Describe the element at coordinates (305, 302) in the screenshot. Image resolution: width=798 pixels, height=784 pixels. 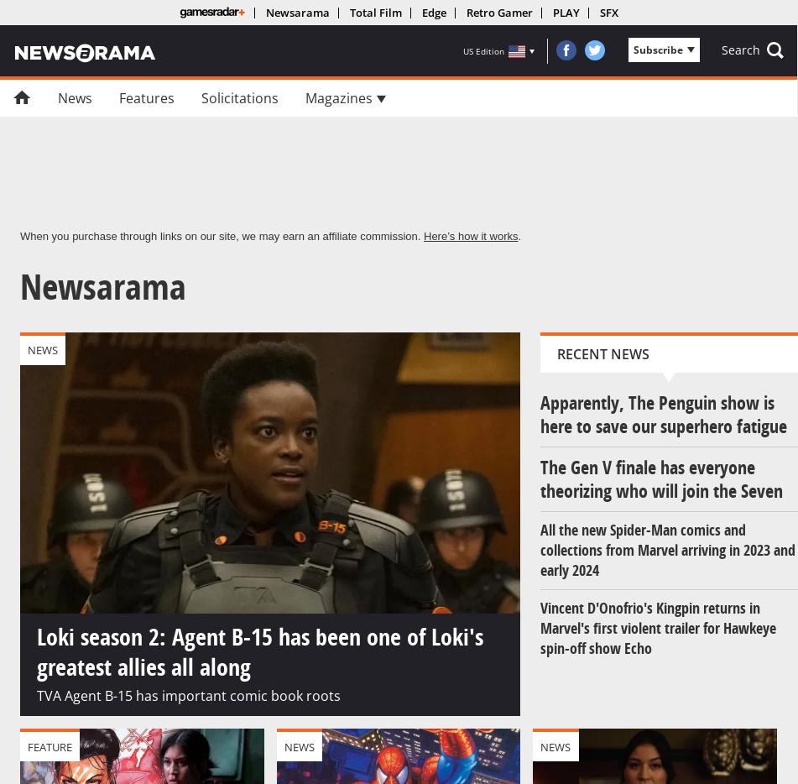
I see `'$12.99'` at that location.